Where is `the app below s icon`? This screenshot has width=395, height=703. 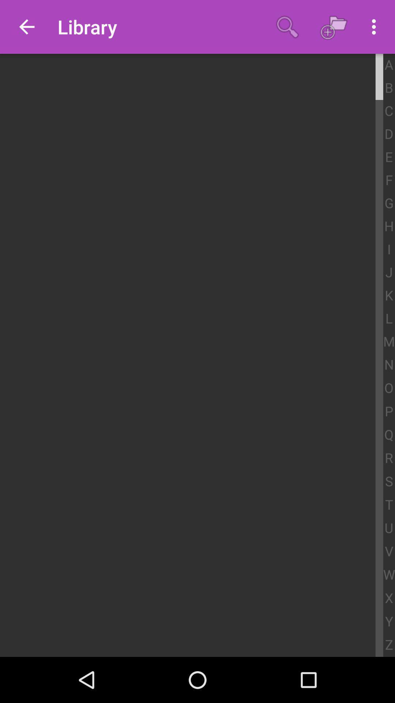
the app below s icon is located at coordinates (388, 505).